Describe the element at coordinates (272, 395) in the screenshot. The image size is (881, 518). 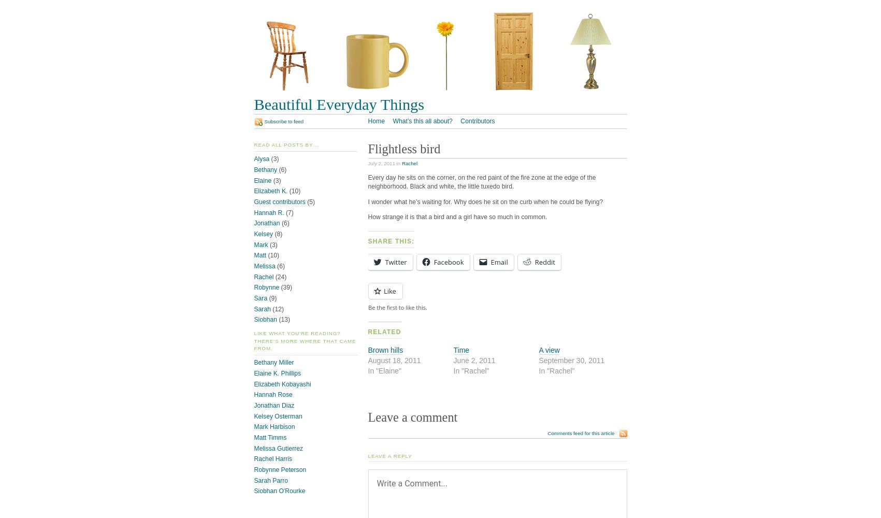
I see `'Hannah Rose'` at that location.